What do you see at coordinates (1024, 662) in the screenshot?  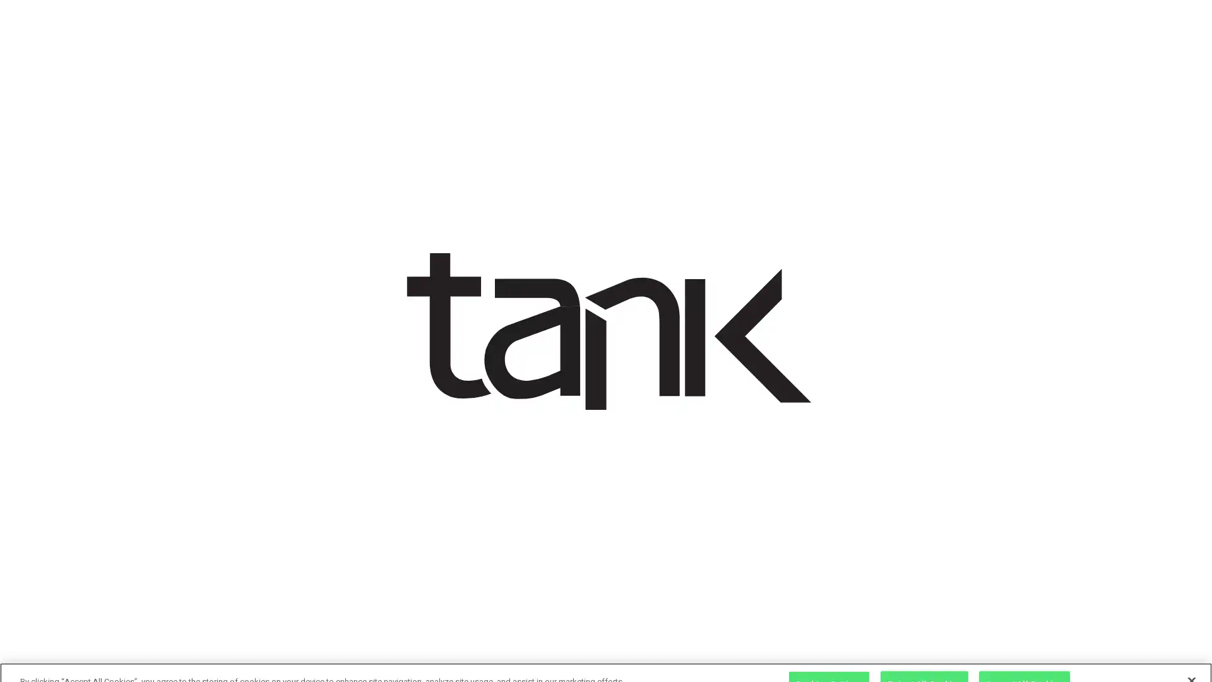 I see `Accept All Cookies` at bounding box center [1024, 662].